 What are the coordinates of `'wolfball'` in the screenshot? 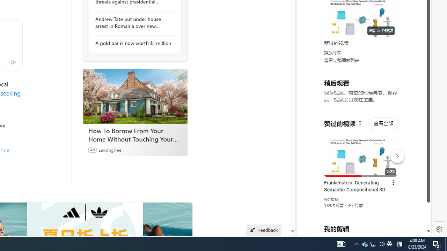 It's located at (331, 199).